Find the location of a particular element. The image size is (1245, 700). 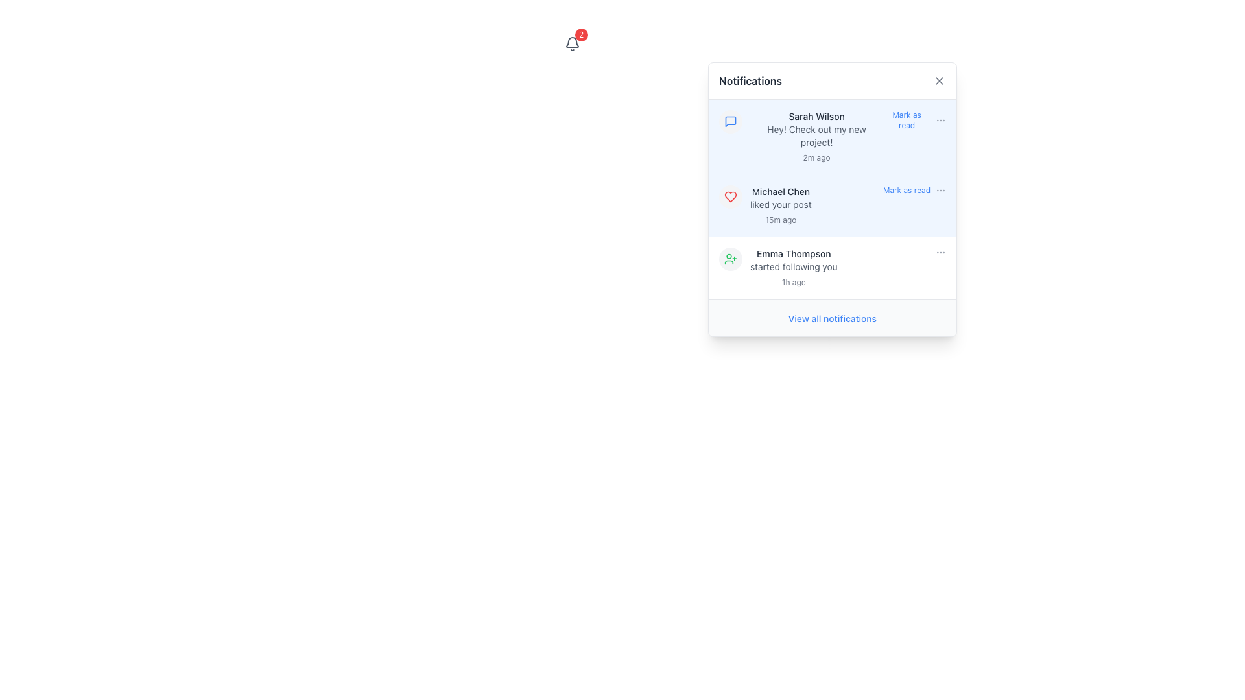

the close icon located in the top-right corner of the notifications panel is located at coordinates (940, 80).